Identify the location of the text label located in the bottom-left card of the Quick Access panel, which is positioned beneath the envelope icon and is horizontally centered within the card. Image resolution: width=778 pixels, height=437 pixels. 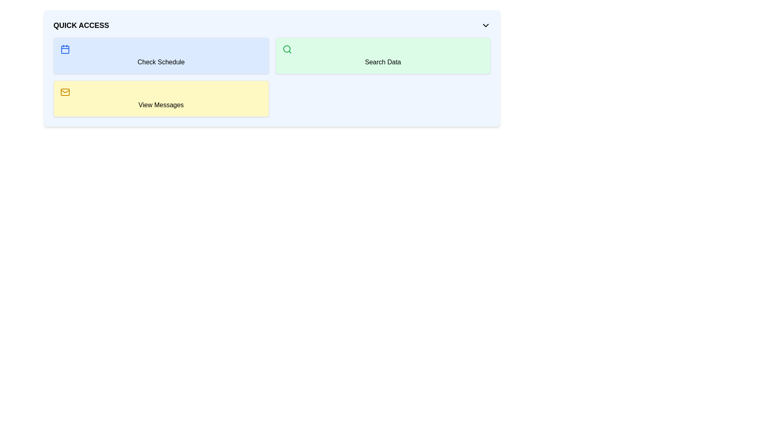
(161, 104).